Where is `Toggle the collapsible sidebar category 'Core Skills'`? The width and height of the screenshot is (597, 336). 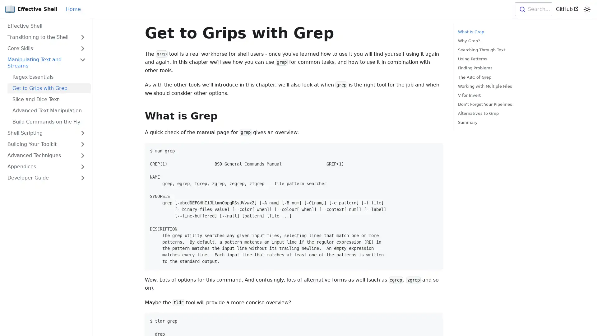 Toggle the collapsible sidebar category 'Core Skills' is located at coordinates (82, 48).